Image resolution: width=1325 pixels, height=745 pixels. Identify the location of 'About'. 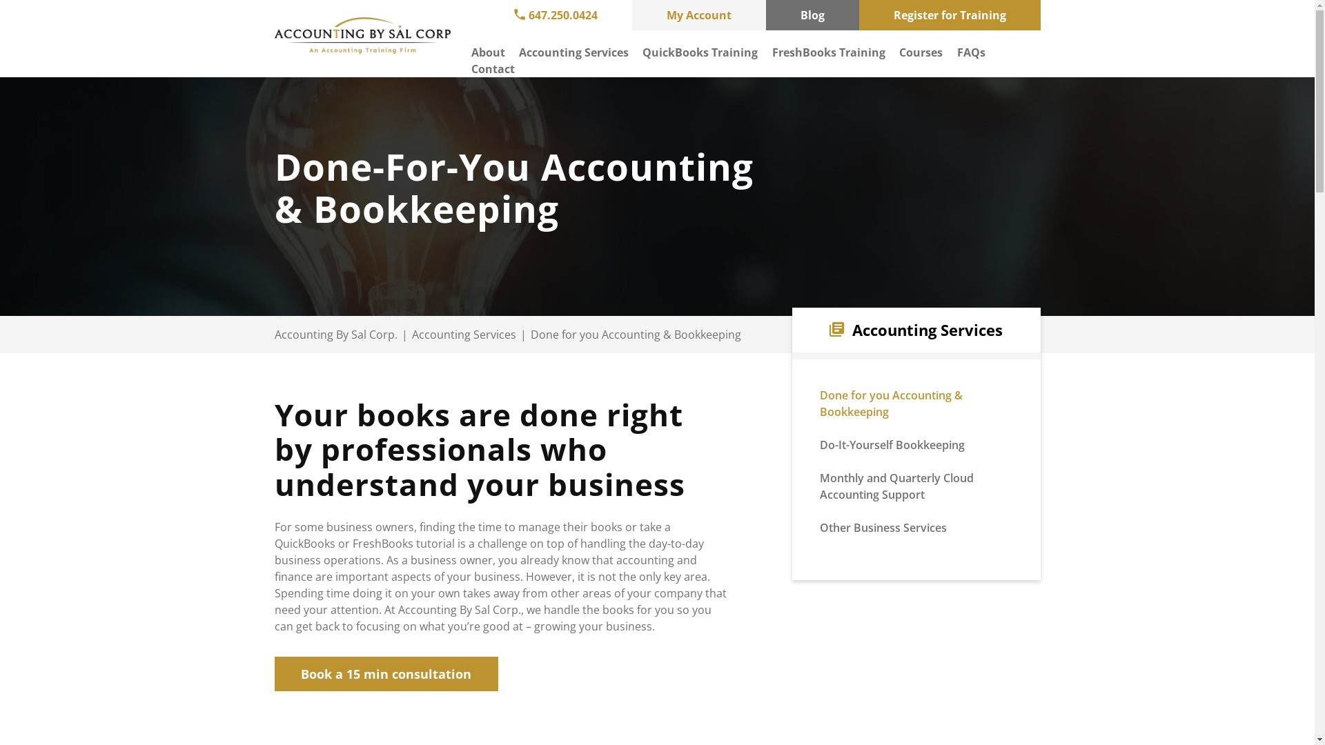
(487, 52).